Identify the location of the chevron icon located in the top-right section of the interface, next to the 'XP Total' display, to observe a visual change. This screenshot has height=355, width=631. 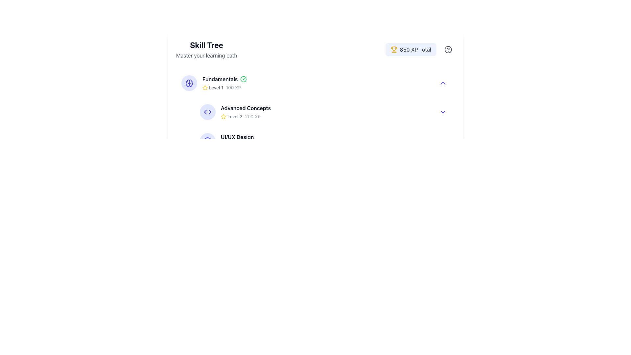
(443, 83).